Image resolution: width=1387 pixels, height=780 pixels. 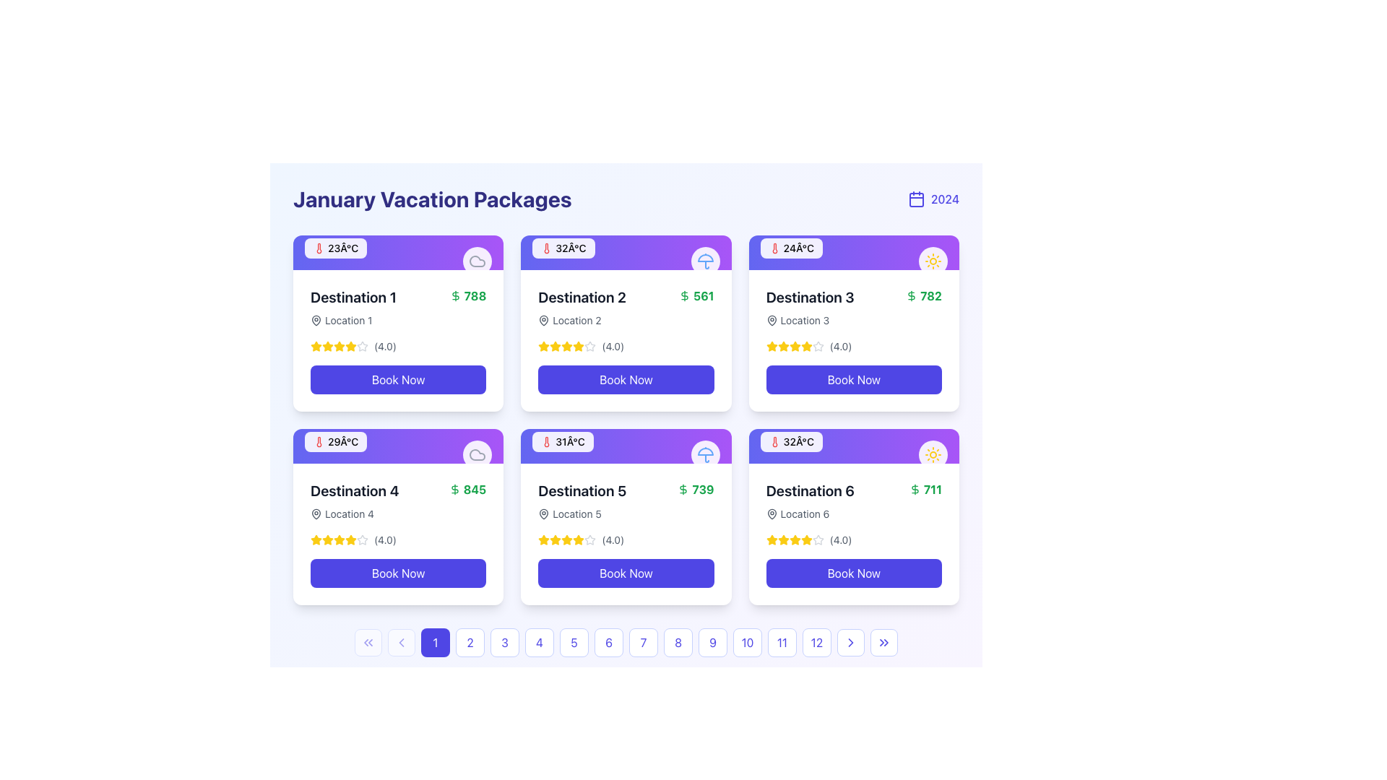 What do you see at coordinates (923, 295) in the screenshot?
I see `the Label with icon that displays the cost or price associated with Destination 3, located in the top-right section of the card for 'Destination 3'` at bounding box center [923, 295].